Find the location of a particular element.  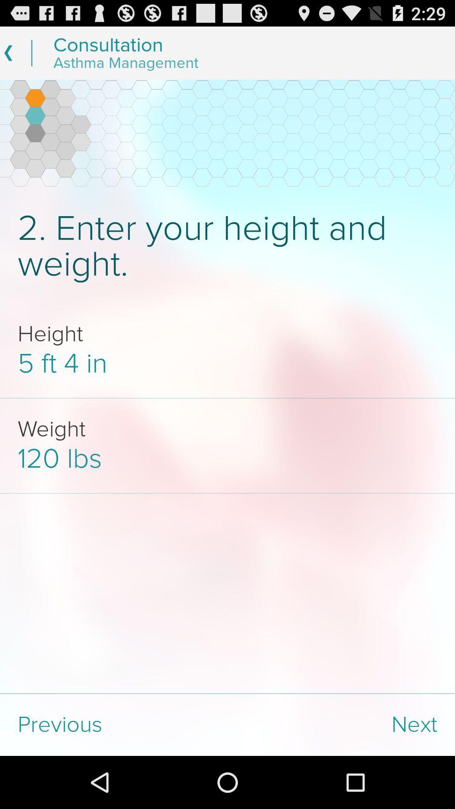

the 5 ft 4 icon is located at coordinates (227, 364).